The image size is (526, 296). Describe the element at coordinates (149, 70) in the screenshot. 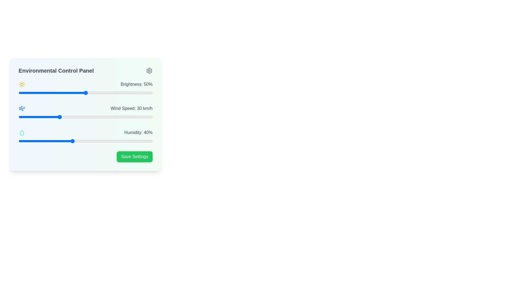

I see `the gear-shaped icon in the top-right corner of the Environmental Control Panel` at that location.